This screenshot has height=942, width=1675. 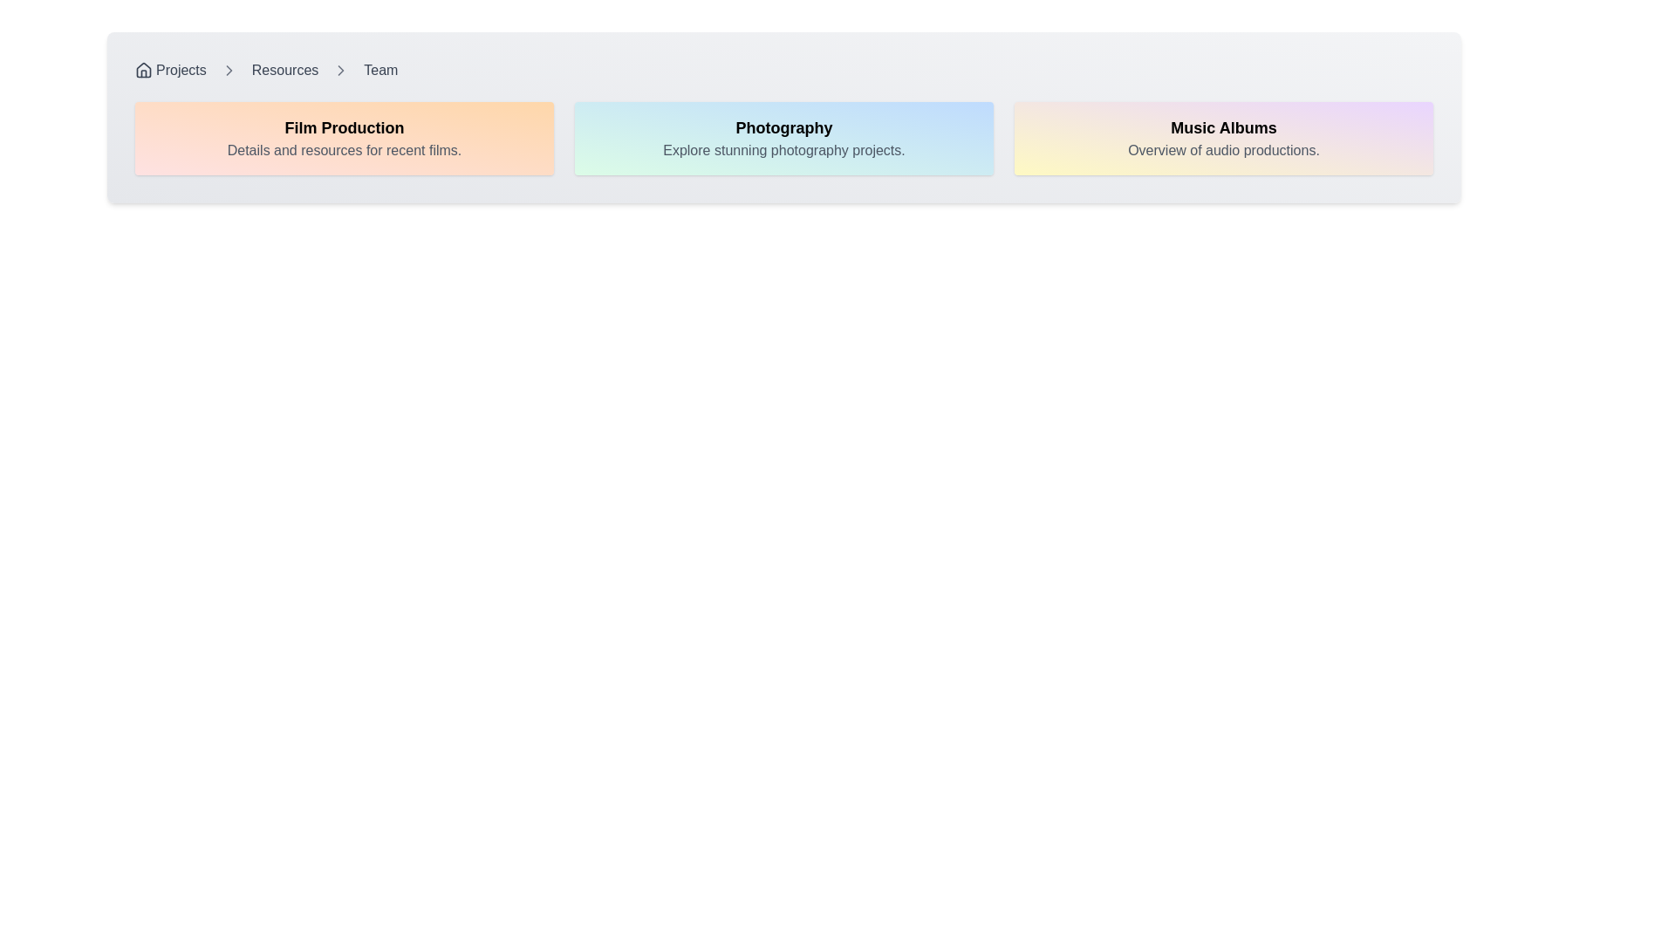 I want to click on the homepage icon located in the top-left corner of the interface, which precedes the text 'Projects' in the navigation breadcrumb, so click(x=143, y=70).